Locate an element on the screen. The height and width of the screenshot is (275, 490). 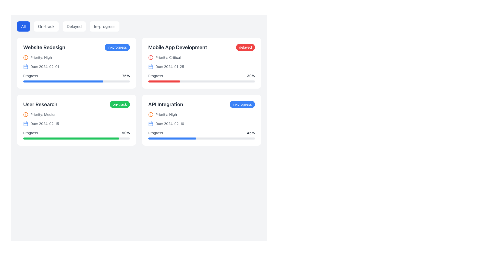
the priority level indicated by the 'Priority: Critical' text and the red warning icon in the Informational Label with Icon, located in the 'Mobile App Development' section is located at coordinates (201, 57).